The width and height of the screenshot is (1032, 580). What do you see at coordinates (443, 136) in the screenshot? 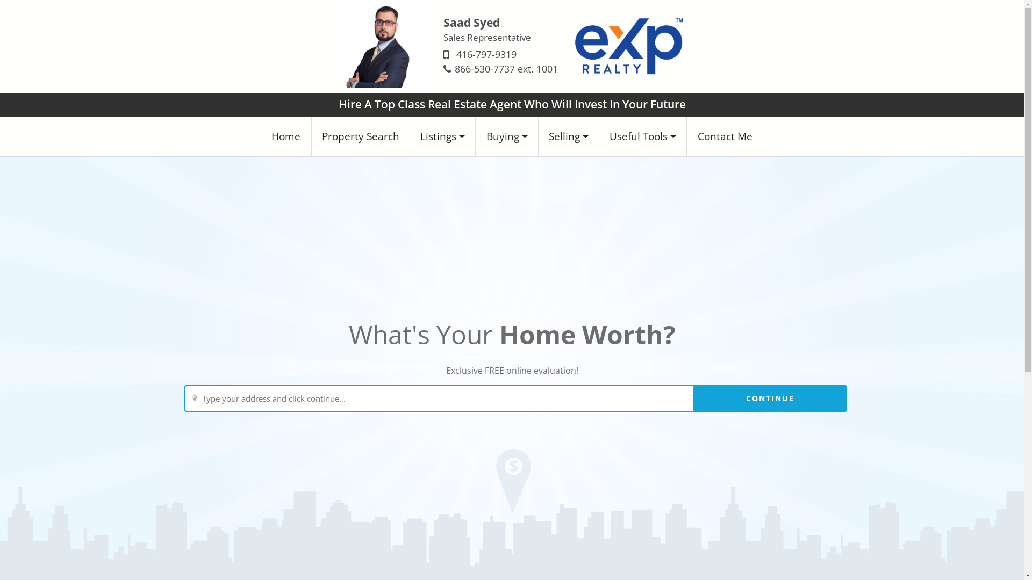
I see `'Listings'` at bounding box center [443, 136].